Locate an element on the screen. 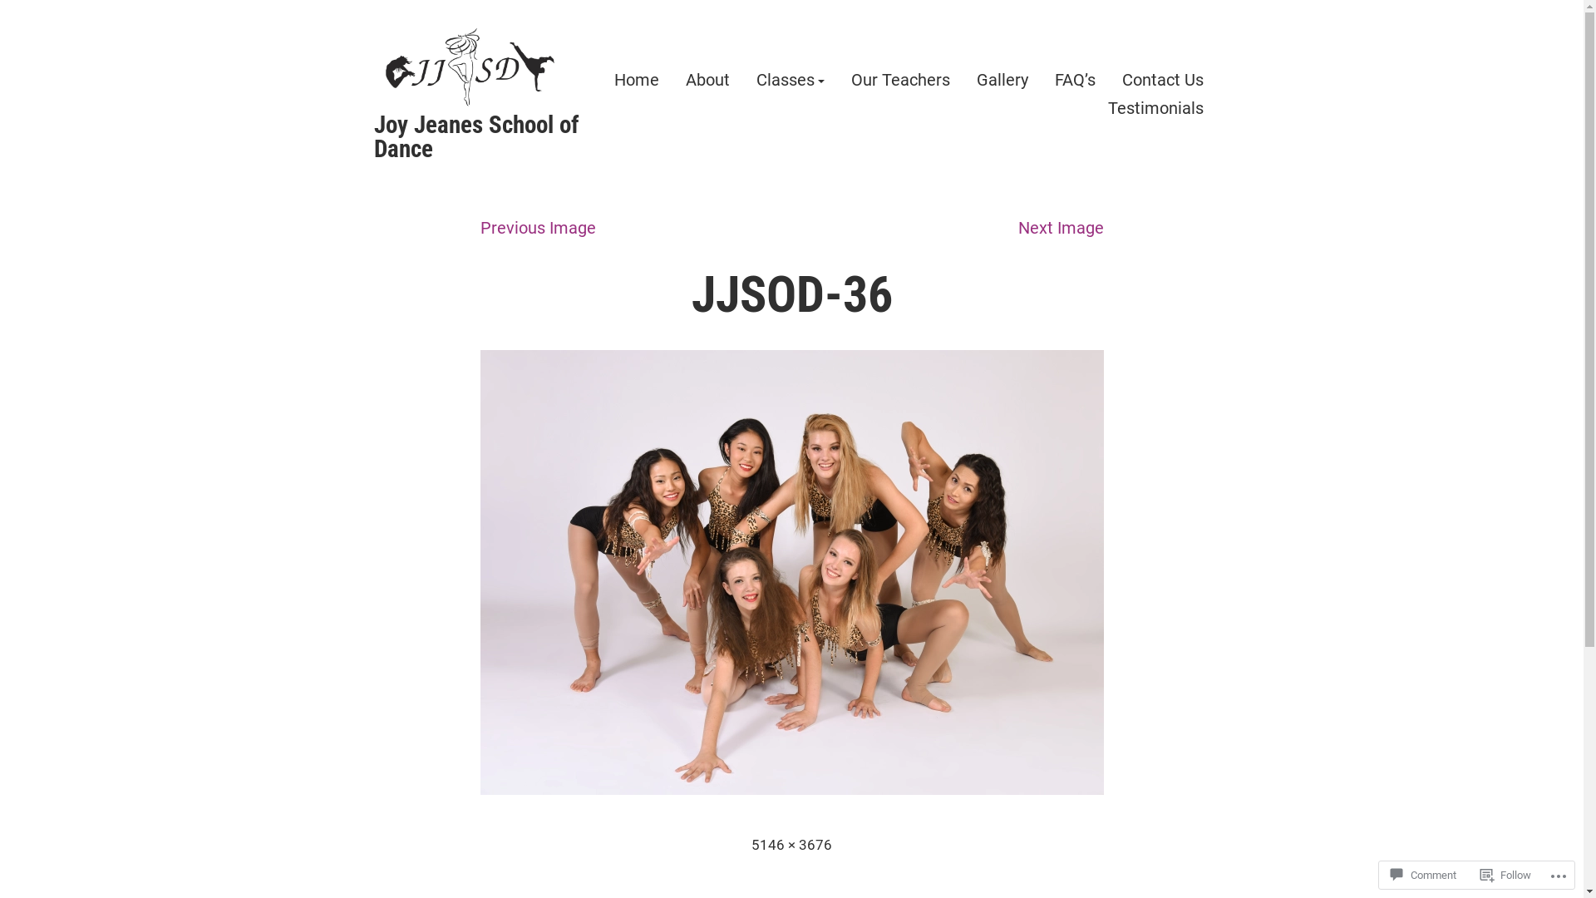 The height and width of the screenshot is (898, 1596). 'Contact Us' is located at coordinates (1161, 80).